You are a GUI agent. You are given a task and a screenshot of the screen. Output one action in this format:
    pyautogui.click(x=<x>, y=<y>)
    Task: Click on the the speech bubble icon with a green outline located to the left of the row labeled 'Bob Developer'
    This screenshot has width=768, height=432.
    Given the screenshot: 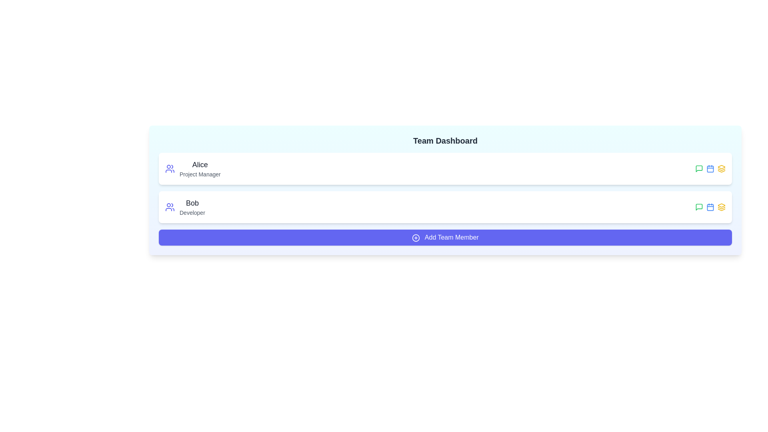 What is the action you would take?
    pyautogui.click(x=698, y=206)
    